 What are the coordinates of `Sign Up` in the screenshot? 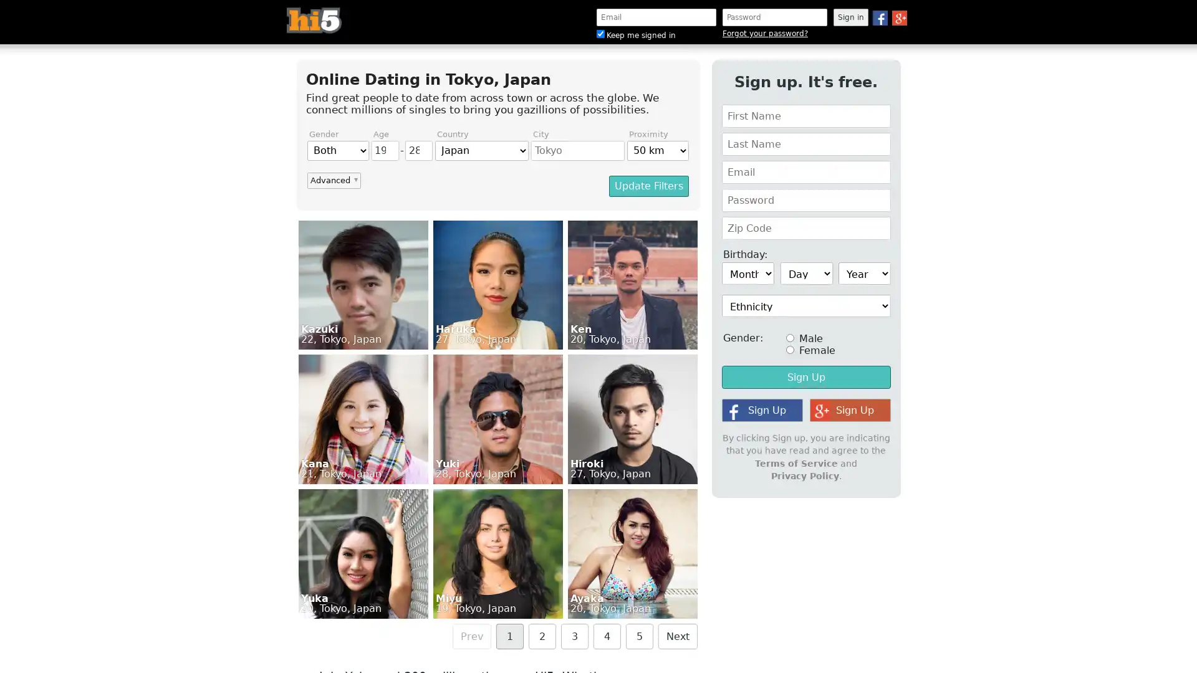 It's located at (761, 410).